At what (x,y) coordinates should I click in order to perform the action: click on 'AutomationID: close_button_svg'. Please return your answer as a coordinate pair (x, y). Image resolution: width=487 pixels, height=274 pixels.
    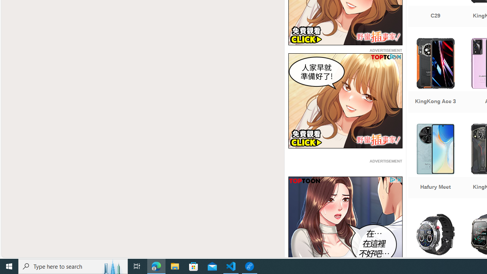
    Looking at the image, I should click on (398, 180).